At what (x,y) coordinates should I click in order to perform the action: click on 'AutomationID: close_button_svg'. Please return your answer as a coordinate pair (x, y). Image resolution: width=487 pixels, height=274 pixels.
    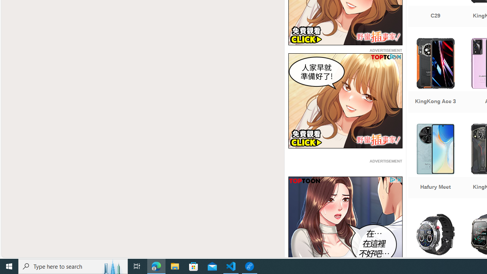
    Looking at the image, I should click on (398, 180).